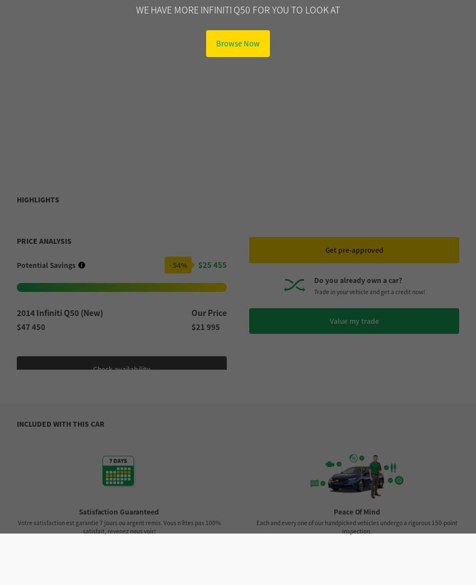 This screenshot has width=476, height=585. What do you see at coordinates (16, 212) in the screenshot?
I see `'Included with this car'` at bounding box center [16, 212].